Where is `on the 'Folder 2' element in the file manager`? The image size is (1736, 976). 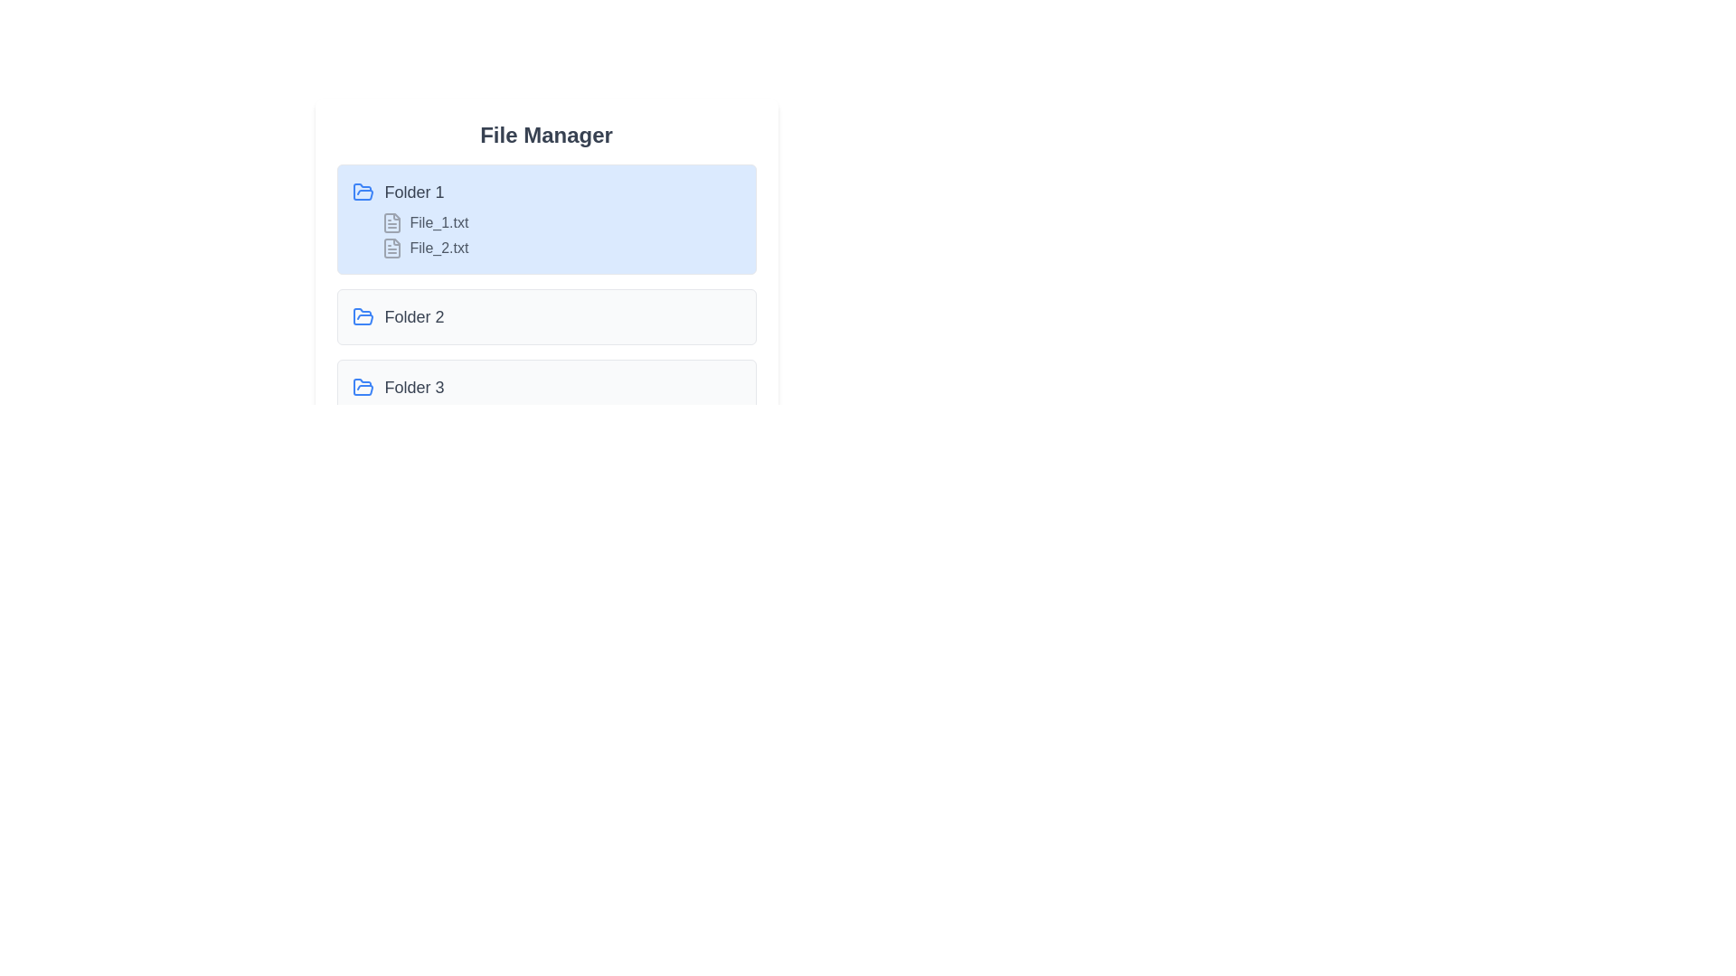 on the 'Folder 2' element in the file manager is located at coordinates (545, 316).